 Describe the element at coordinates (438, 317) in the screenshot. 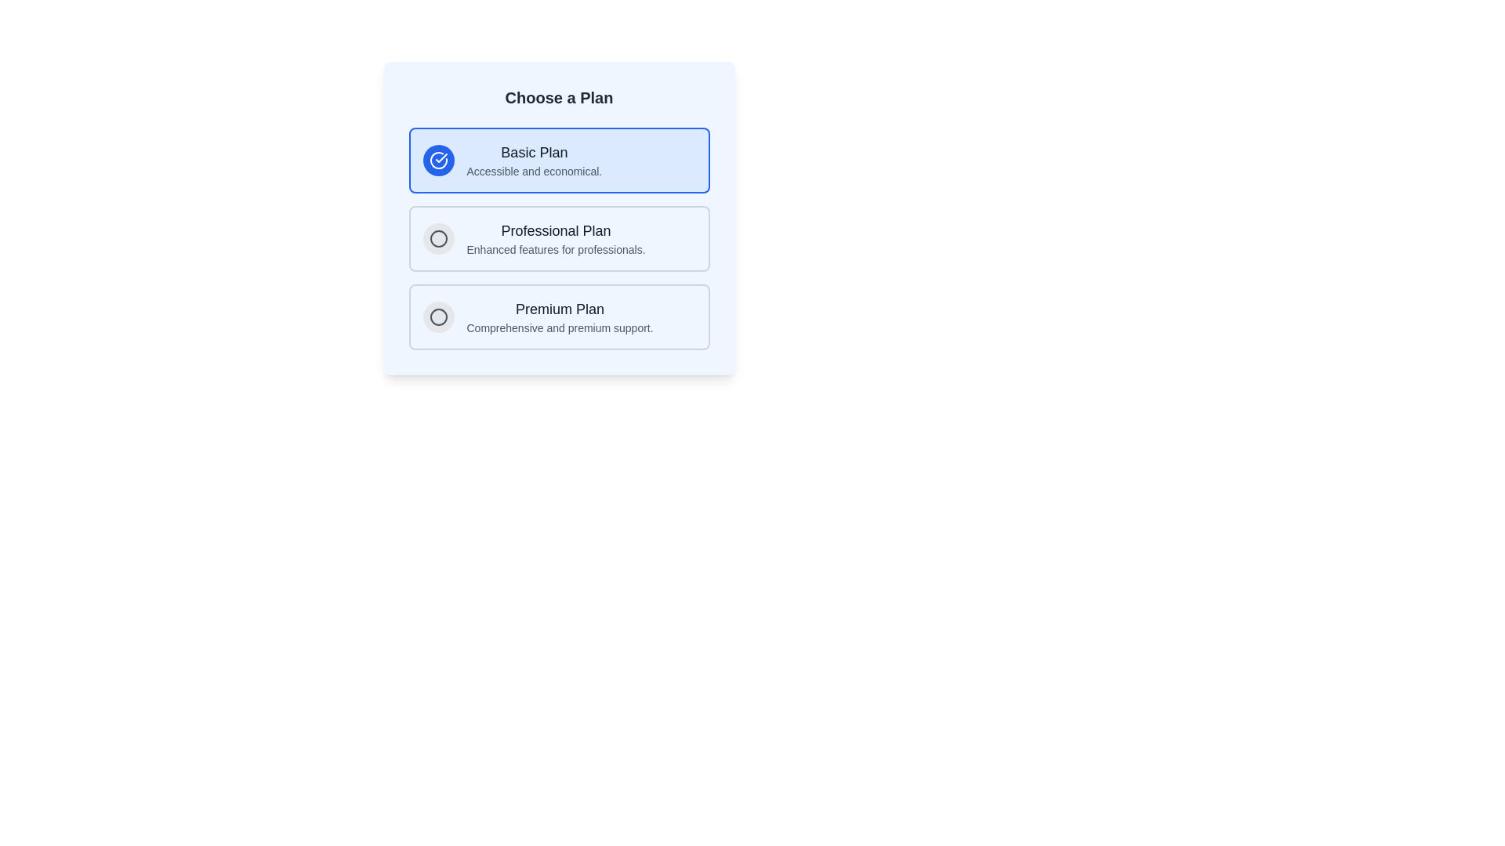

I see `the radio button for the 'Premium Plan' option` at that location.